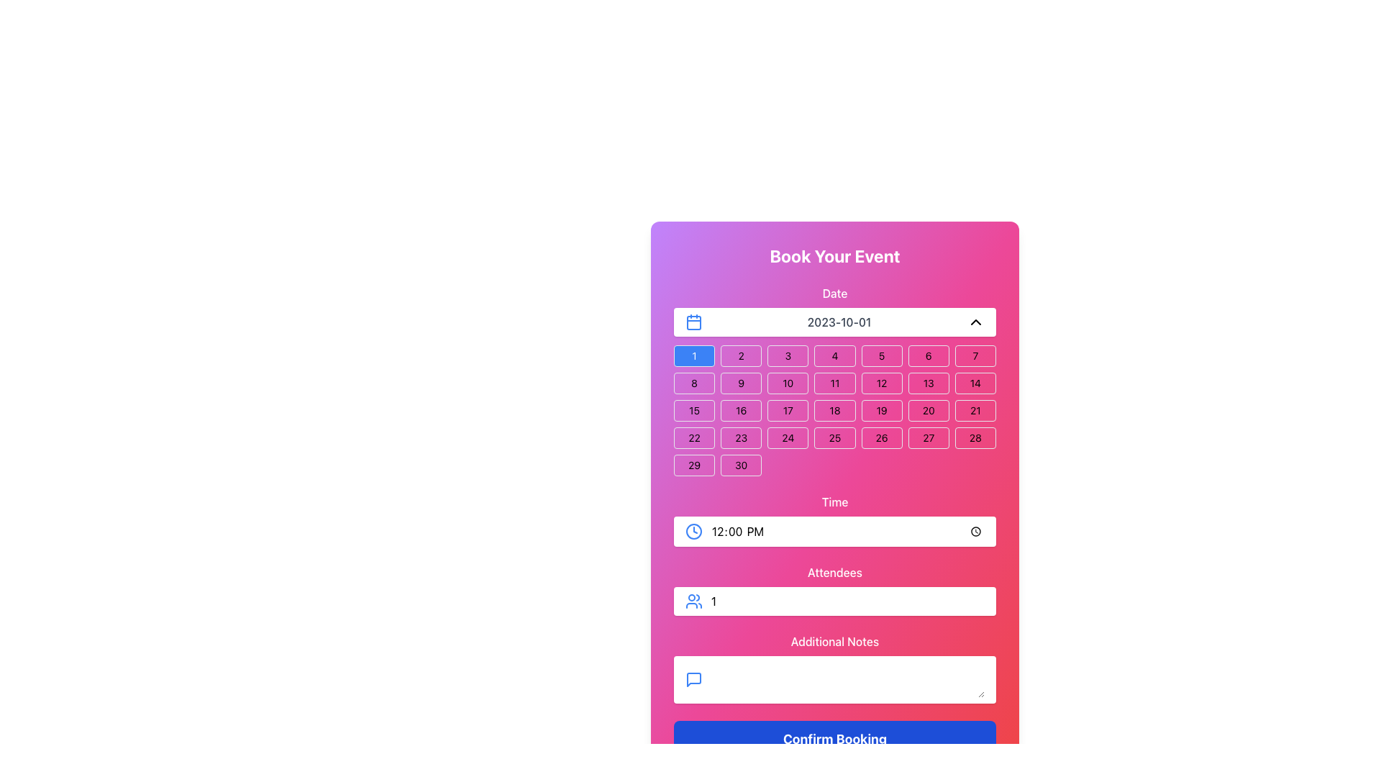 This screenshot has height=777, width=1381. Describe the element at coordinates (694, 382) in the screenshot. I see `the button with the number '8' centered in a bold, black font on a light purple background` at that location.